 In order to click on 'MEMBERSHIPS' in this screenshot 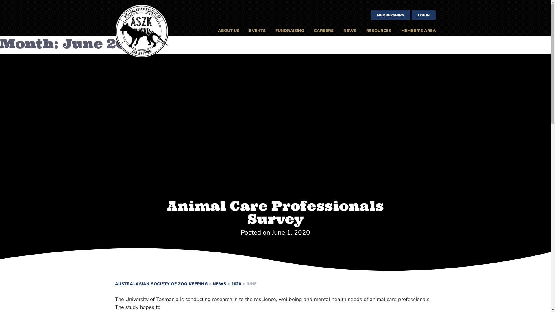, I will do `click(390, 14)`.